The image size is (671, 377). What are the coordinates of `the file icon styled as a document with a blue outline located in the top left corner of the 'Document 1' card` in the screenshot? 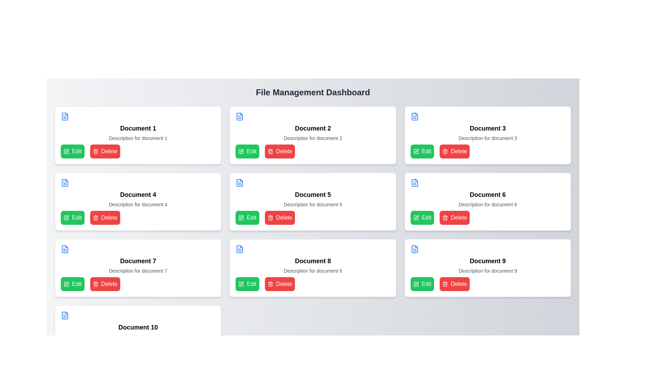 It's located at (65, 116).